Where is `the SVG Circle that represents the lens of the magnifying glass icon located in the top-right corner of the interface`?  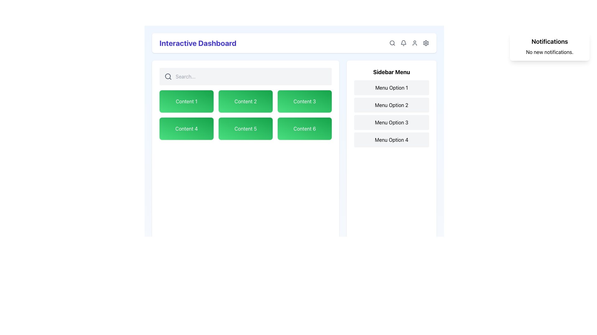
the SVG Circle that represents the lens of the magnifying glass icon located in the top-right corner of the interface is located at coordinates (168, 76).